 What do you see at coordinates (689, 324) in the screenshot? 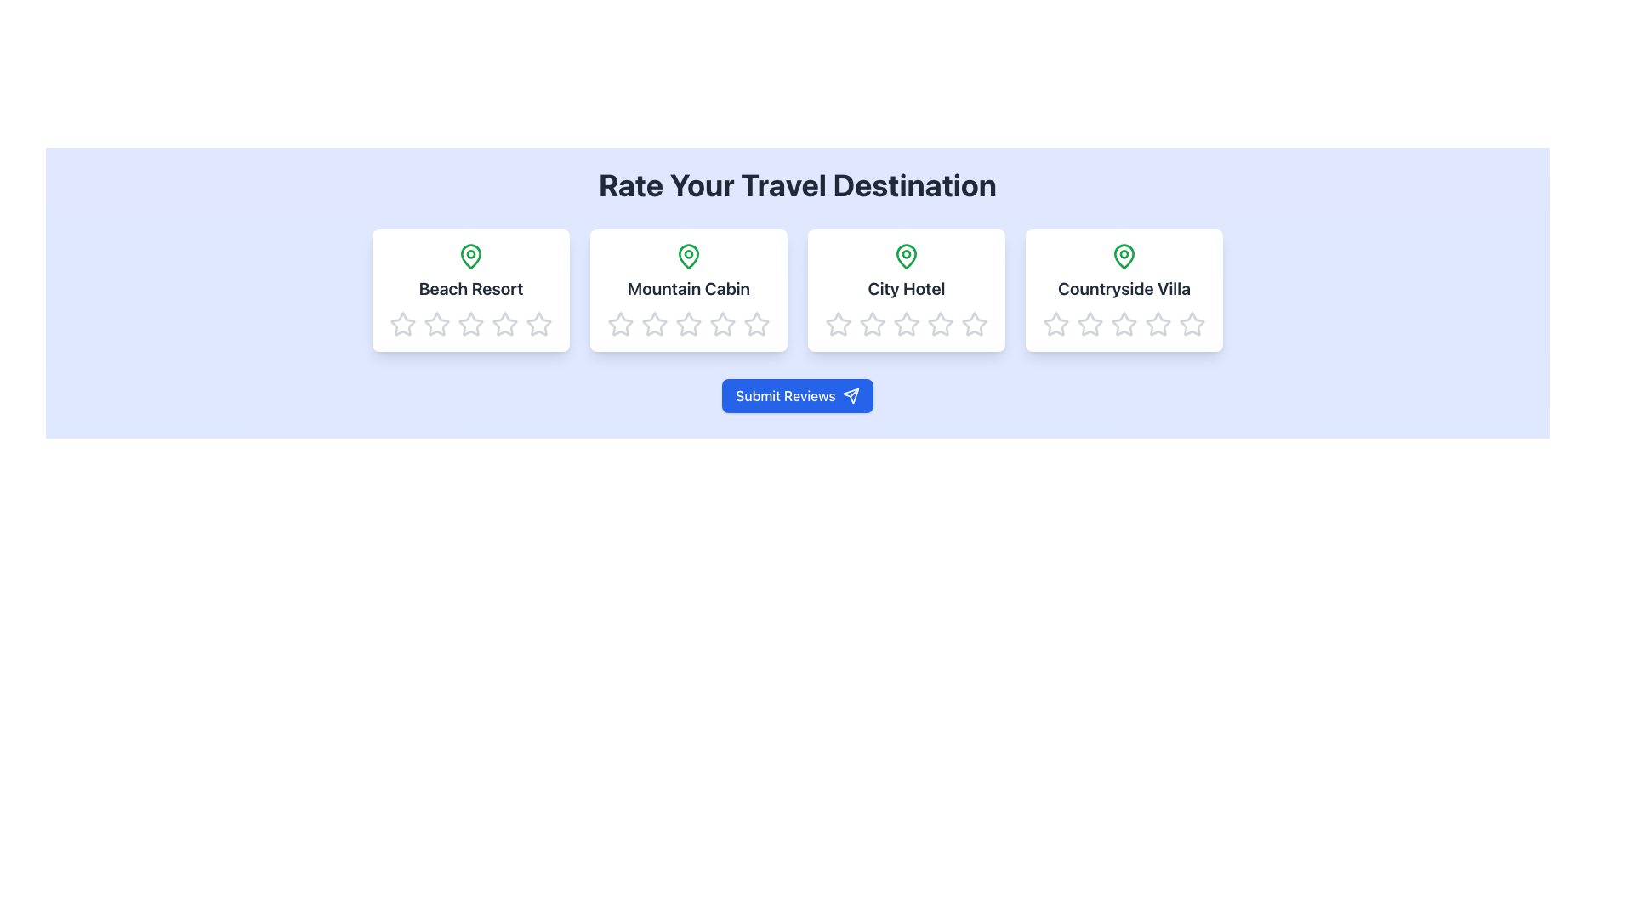
I see `the star icon in the Rating component below the 'Mountain Cabin' label` at bounding box center [689, 324].